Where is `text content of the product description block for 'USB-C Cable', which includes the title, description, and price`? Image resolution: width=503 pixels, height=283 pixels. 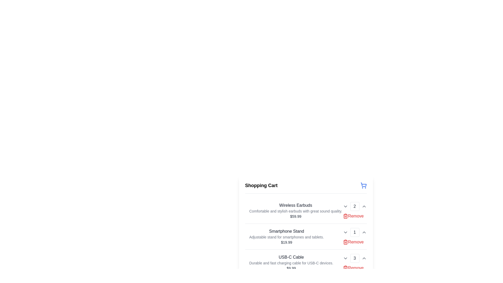
text content of the product description block for 'USB-C Cable', which includes the title, description, and price is located at coordinates (289, 263).